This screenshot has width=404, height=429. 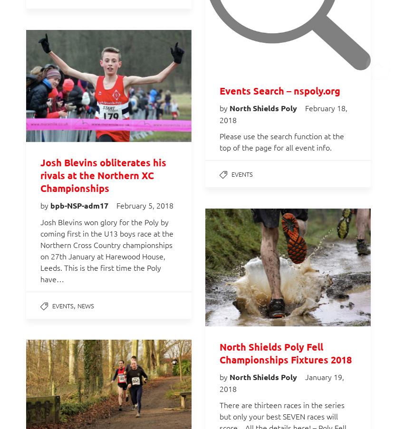 What do you see at coordinates (281, 140) in the screenshot?
I see `'Please use the search function at the top of the page for all event info.'` at bounding box center [281, 140].